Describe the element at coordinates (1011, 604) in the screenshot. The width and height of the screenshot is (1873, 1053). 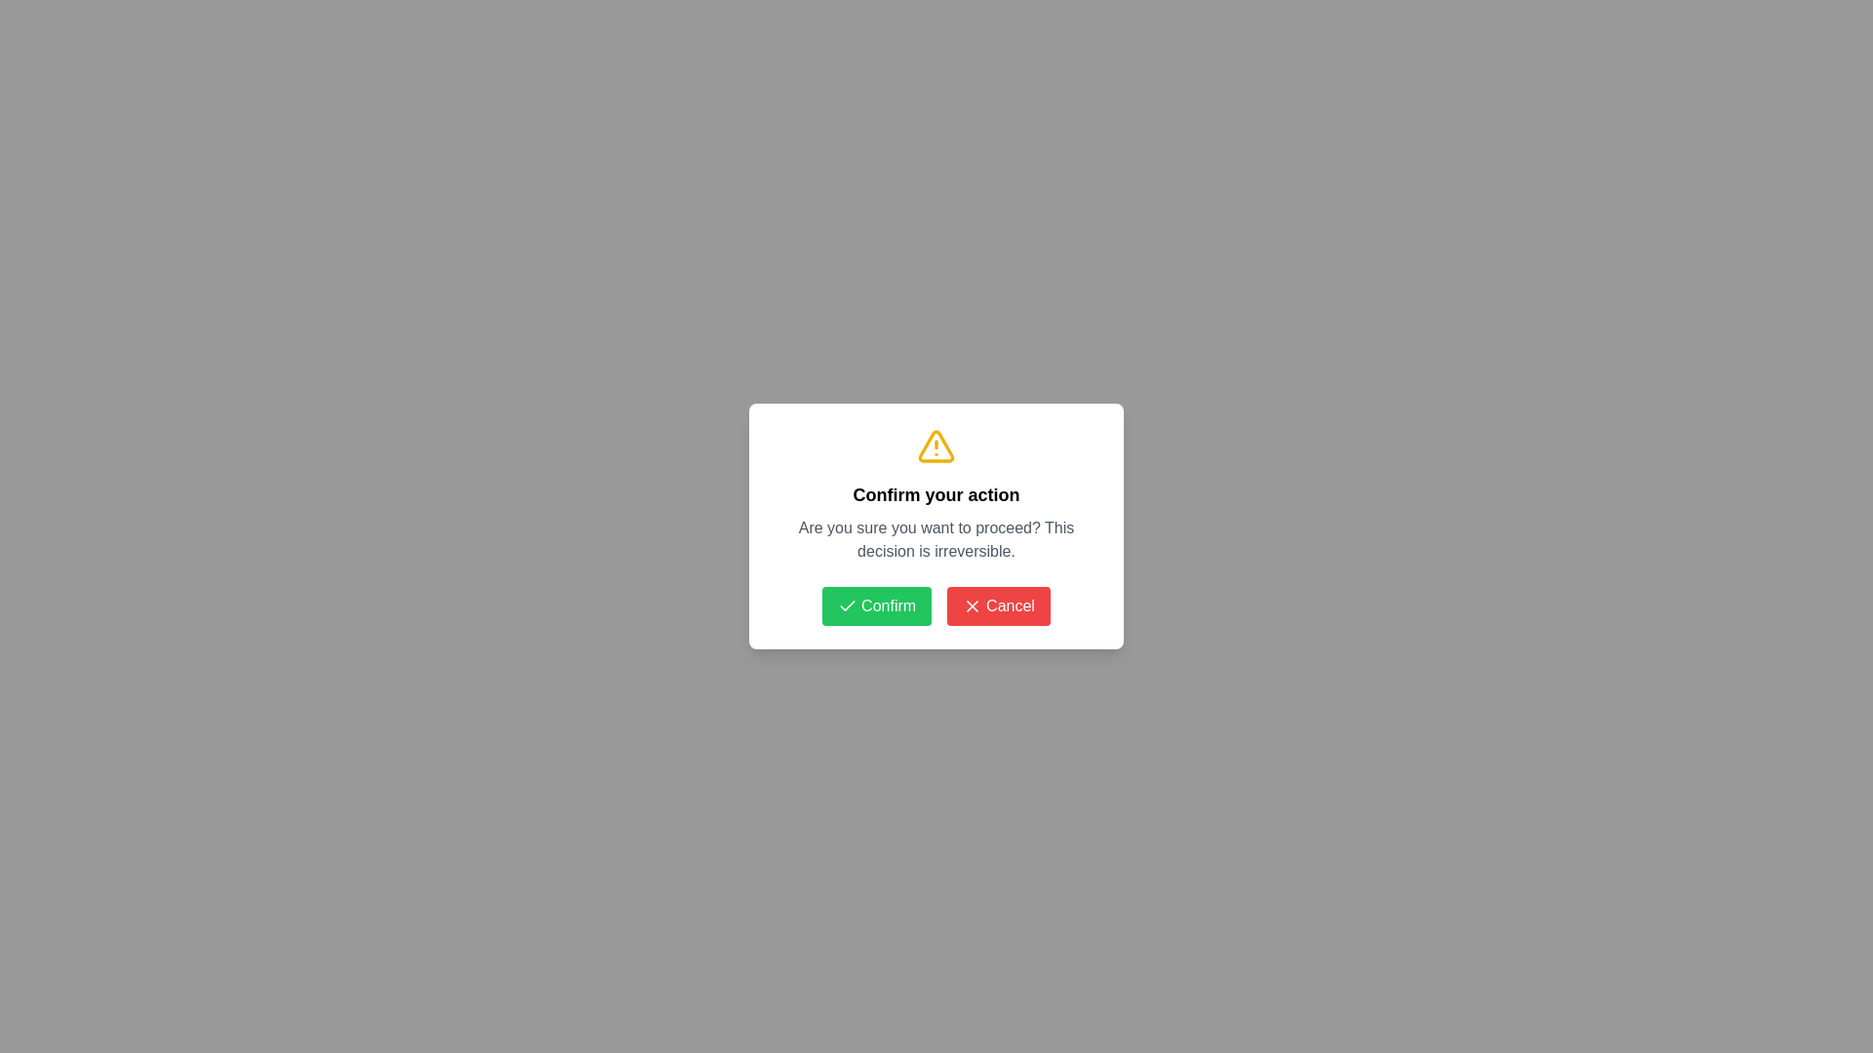
I see `text on the 'Cancel' button, which is styled with white text on a red background and is located on the right side of the confirmation dialog box` at that location.